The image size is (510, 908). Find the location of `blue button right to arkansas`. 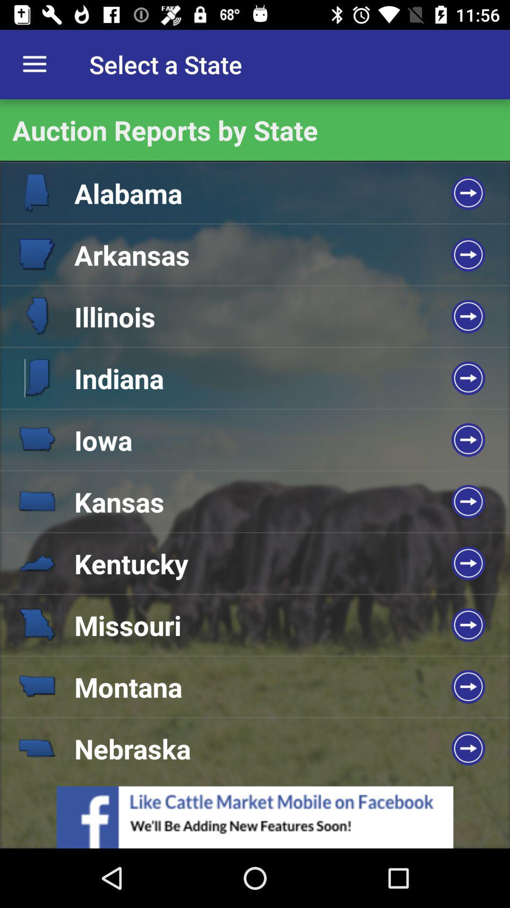

blue button right to arkansas is located at coordinates (468, 254).